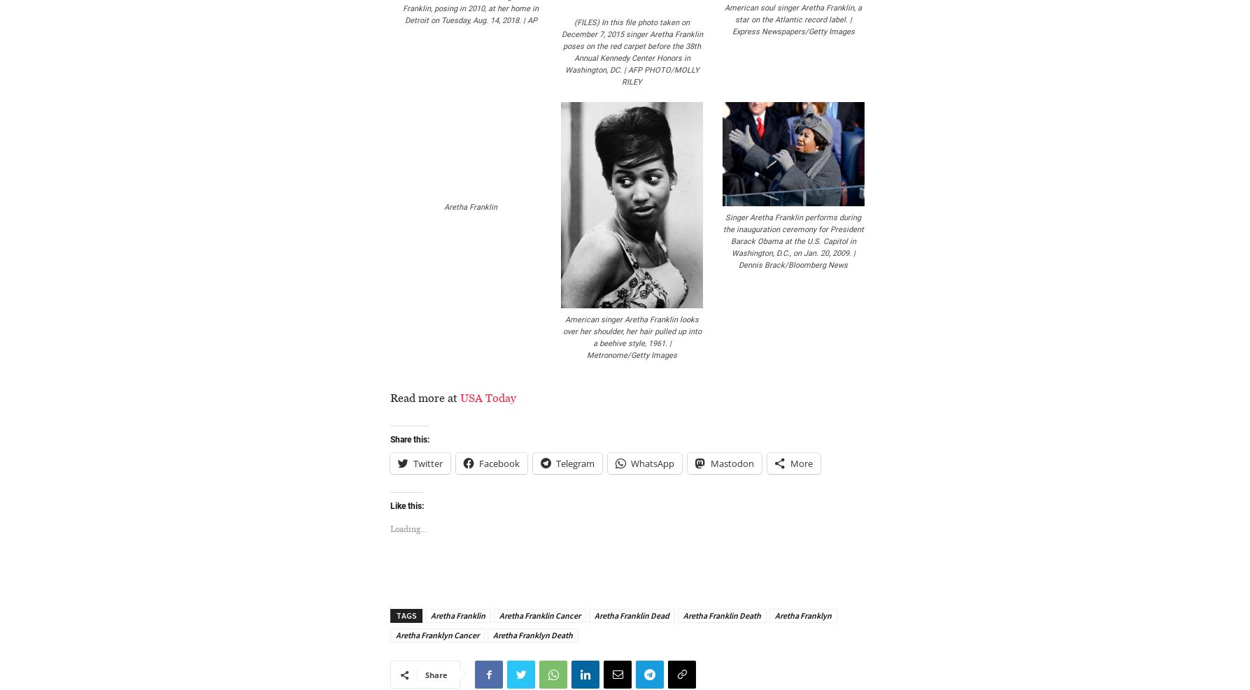 The height and width of the screenshot is (690, 1250). I want to click on 'Loading...', so click(407, 529).